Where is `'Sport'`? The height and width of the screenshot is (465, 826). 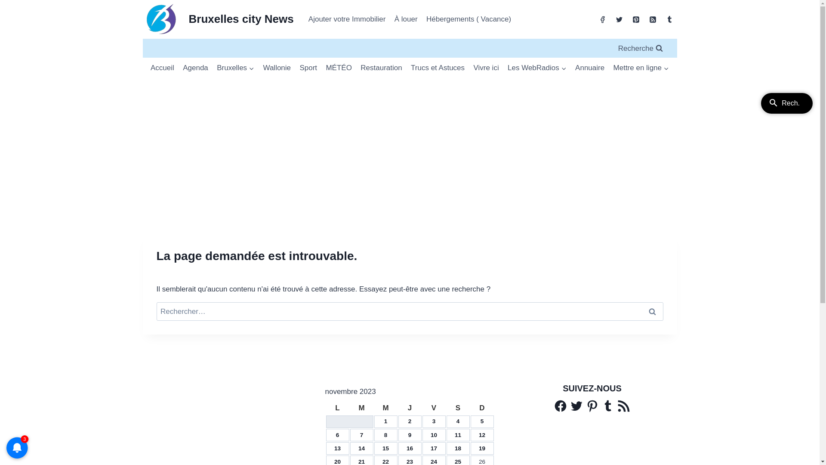 'Sport' is located at coordinates (308, 68).